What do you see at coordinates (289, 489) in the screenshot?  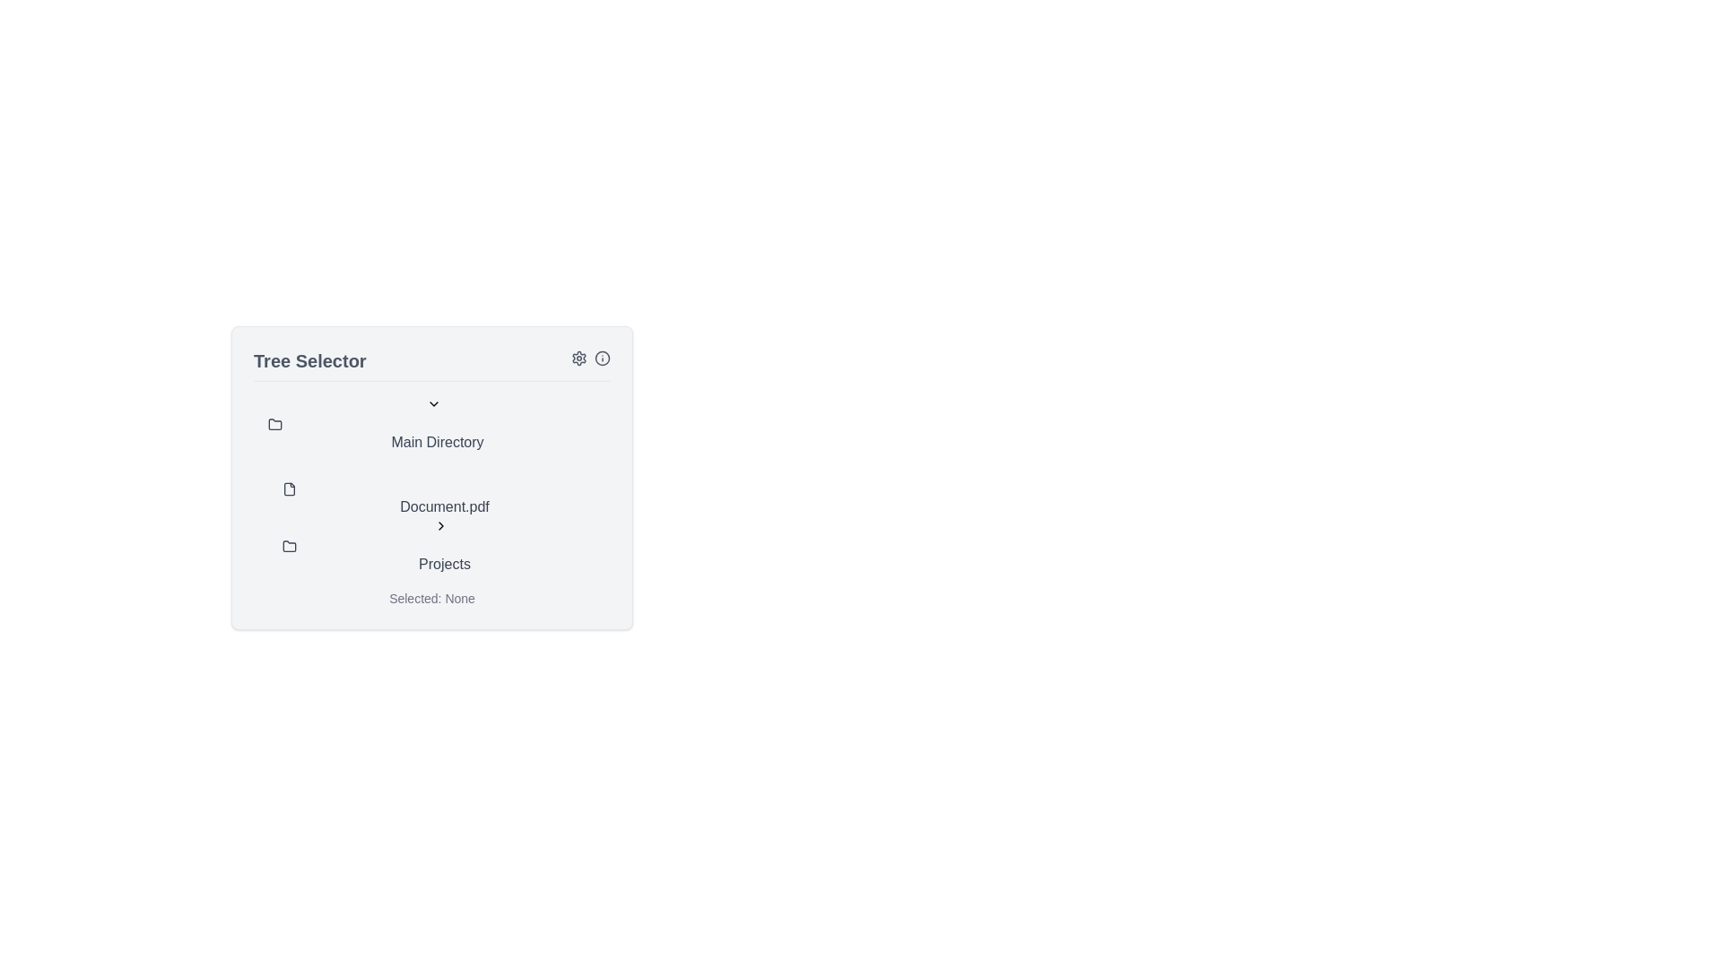 I see `the file icon representing 'Document.pdf' in the hierarchical tree selector, which is styled with a border and subtle shadowing` at bounding box center [289, 489].